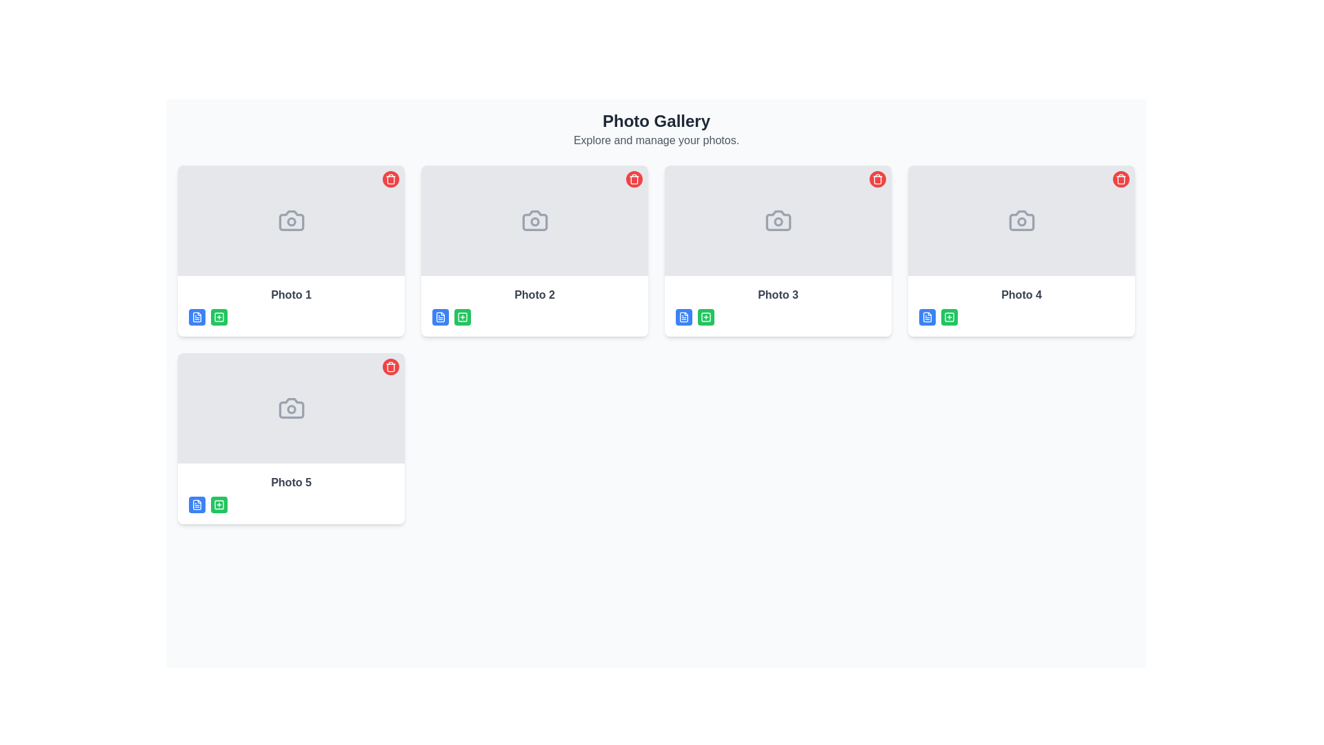 The image size is (1324, 745). What do you see at coordinates (439, 317) in the screenshot?
I see `the button located at the bottom-left corner of the card labeled 'Photo 2' to potentially display a tooltip` at bounding box center [439, 317].